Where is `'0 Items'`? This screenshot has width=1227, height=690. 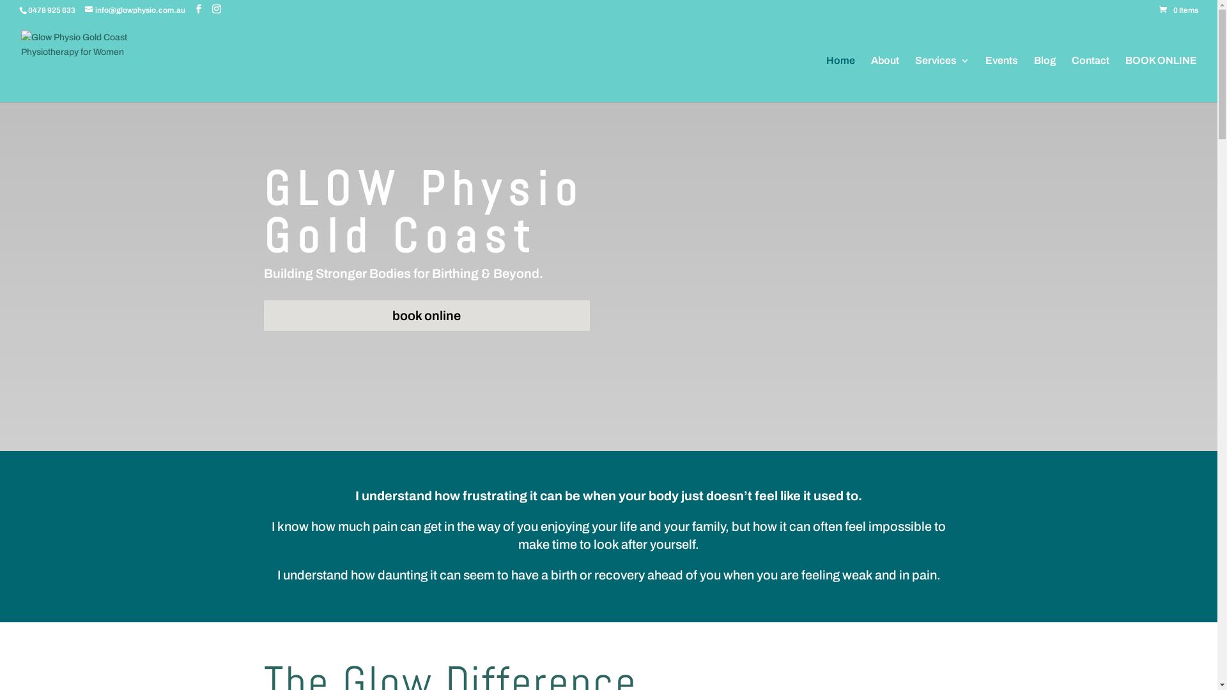
'0 Items' is located at coordinates (1178, 10).